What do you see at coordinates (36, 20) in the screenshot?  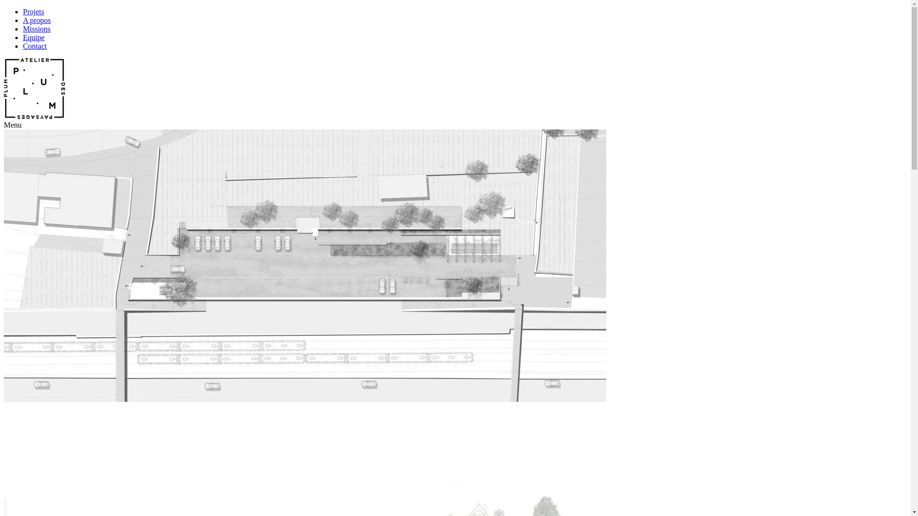 I see `'A propos'` at bounding box center [36, 20].